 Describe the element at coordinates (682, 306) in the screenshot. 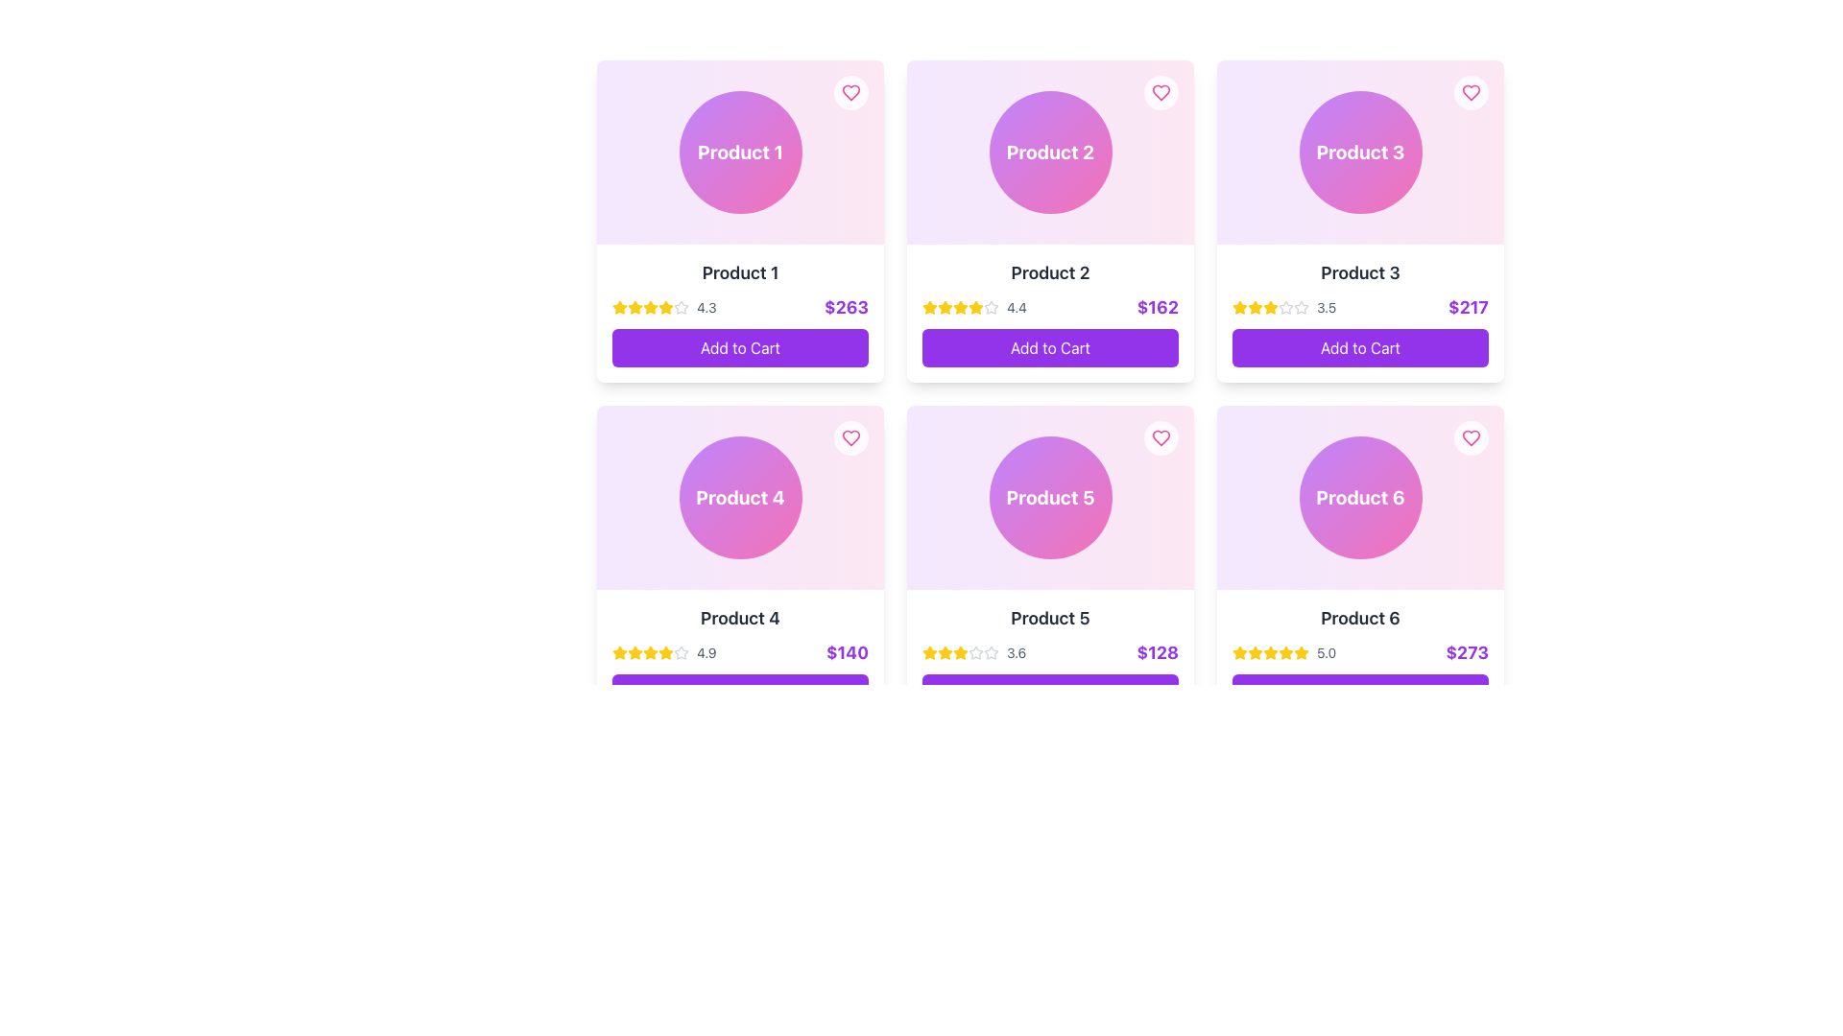

I see `the hollow gray star icon, which is the last star in the sequence of rating stars for the first product card` at that location.